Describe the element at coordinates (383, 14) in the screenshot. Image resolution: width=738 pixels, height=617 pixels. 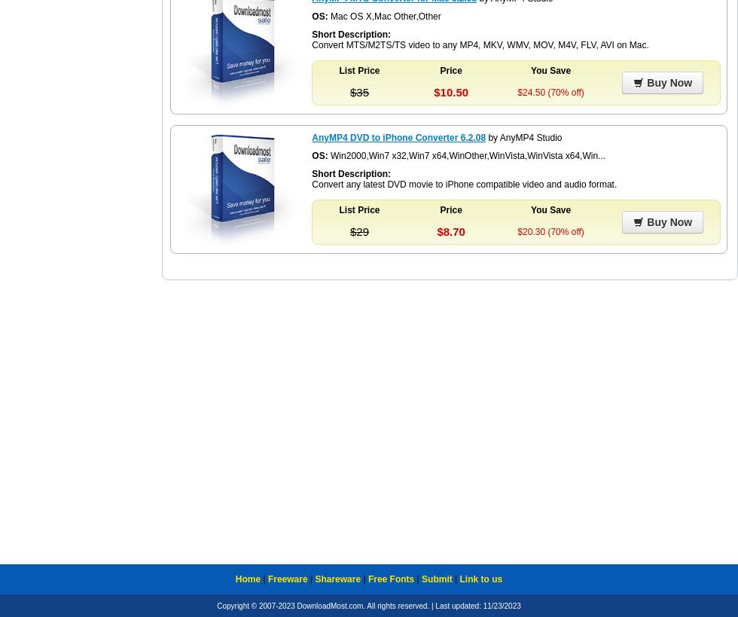
I see `'Mac OS X,Mac Other,Other'` at that location.